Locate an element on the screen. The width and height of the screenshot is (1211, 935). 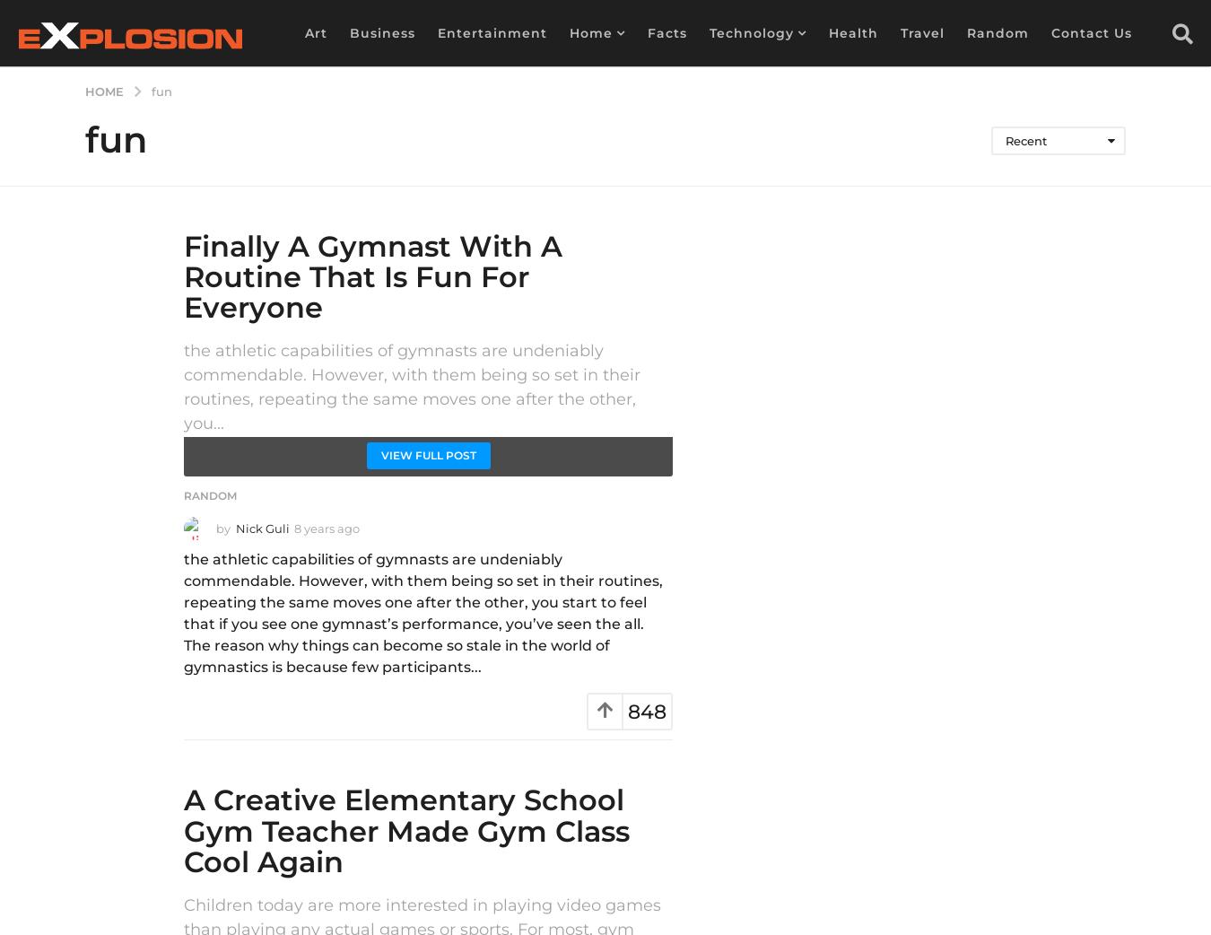
'Art' is located at coordinates (316, 31).